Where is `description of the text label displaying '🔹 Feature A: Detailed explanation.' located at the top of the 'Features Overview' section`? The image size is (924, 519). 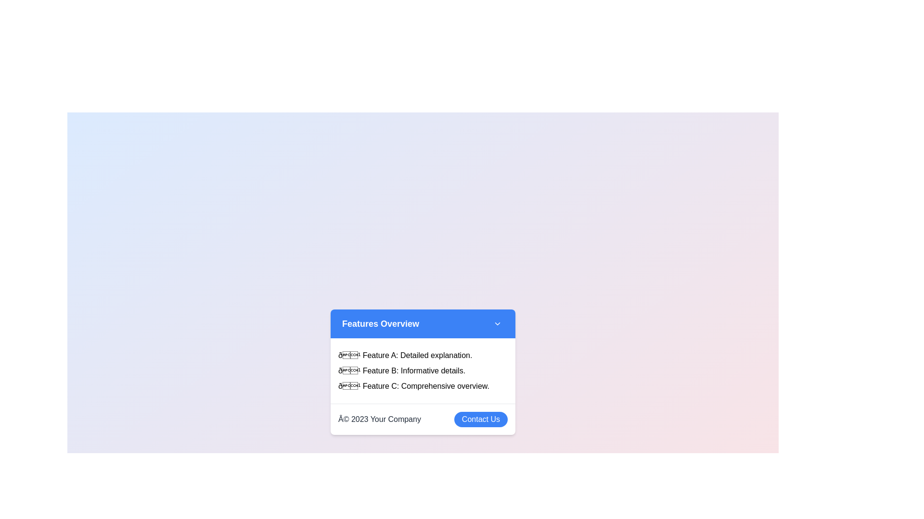 description of the text label displaying '🔹 Feature A: Detailed explanation.' located at the top of the 'Features Overview' section is located at coordinates (423, 355).